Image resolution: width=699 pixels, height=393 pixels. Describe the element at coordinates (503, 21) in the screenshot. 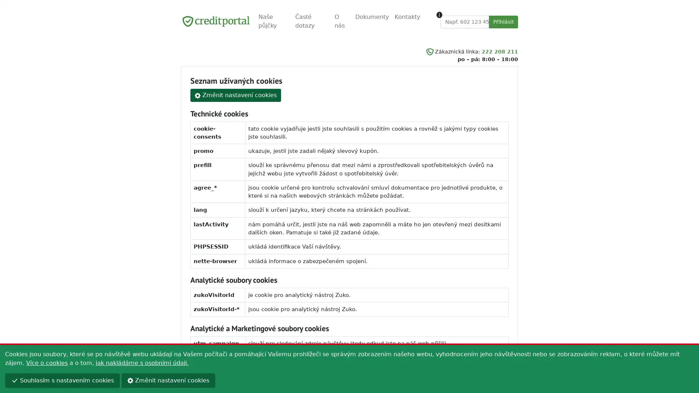

I see `Prihlasit` at that location.